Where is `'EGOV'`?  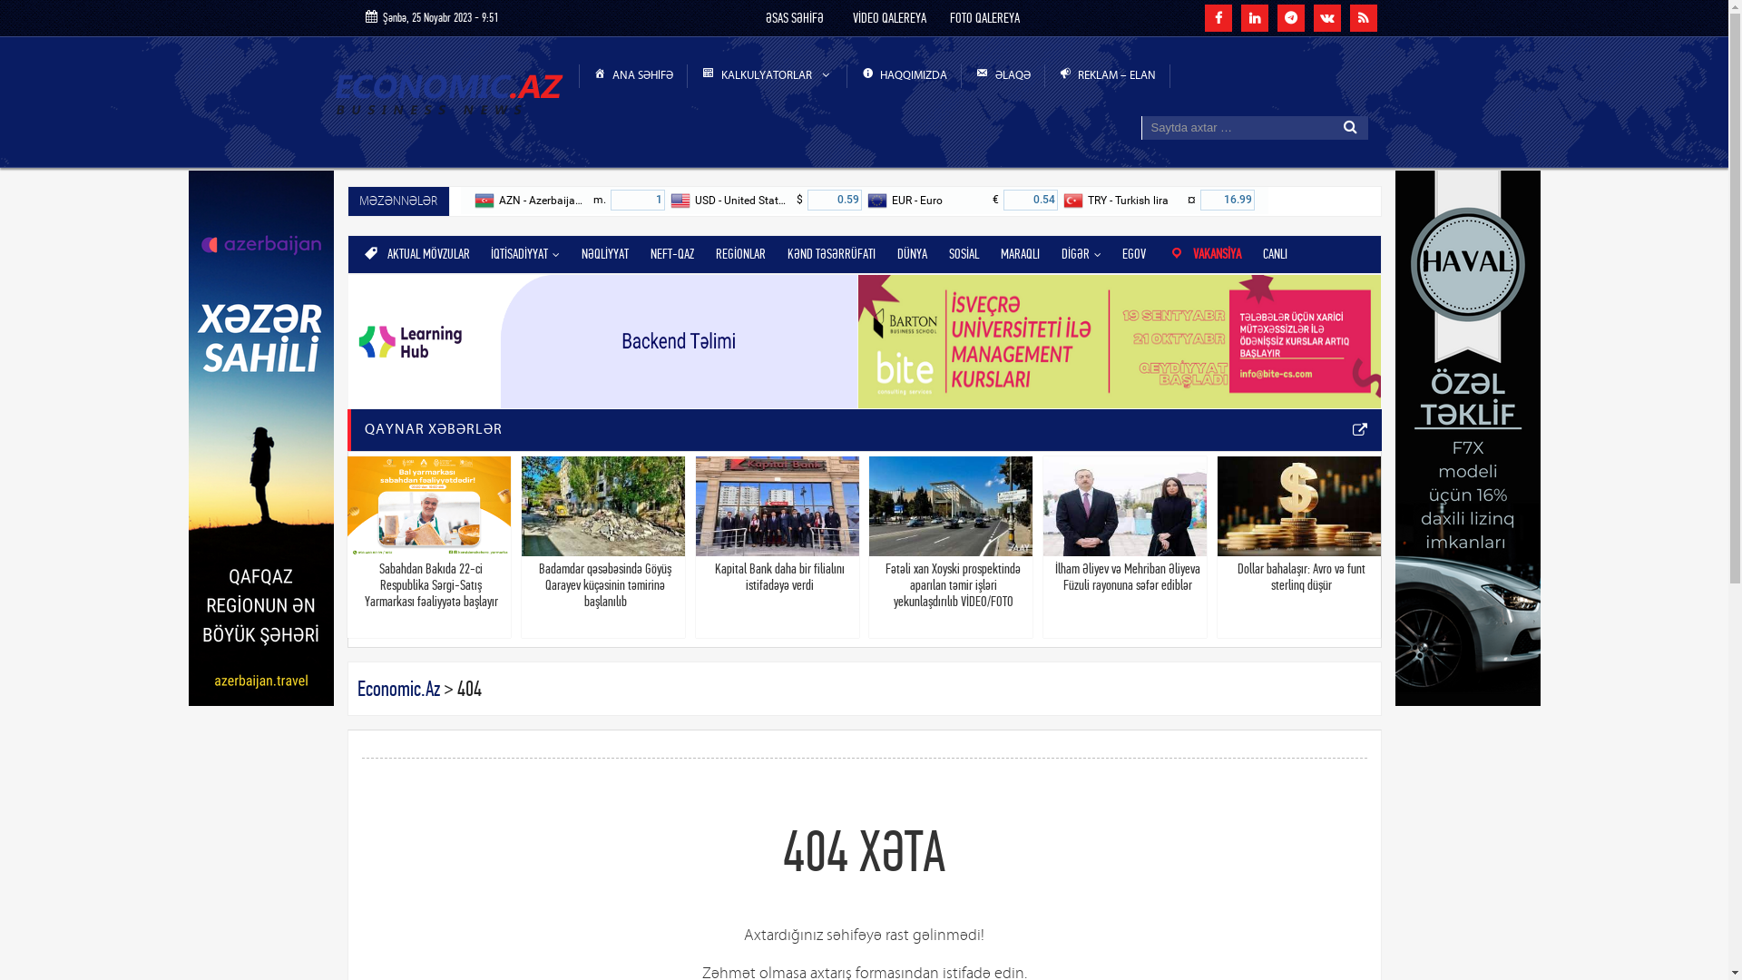 'EGOV' is located at coordinates (1132, 254).